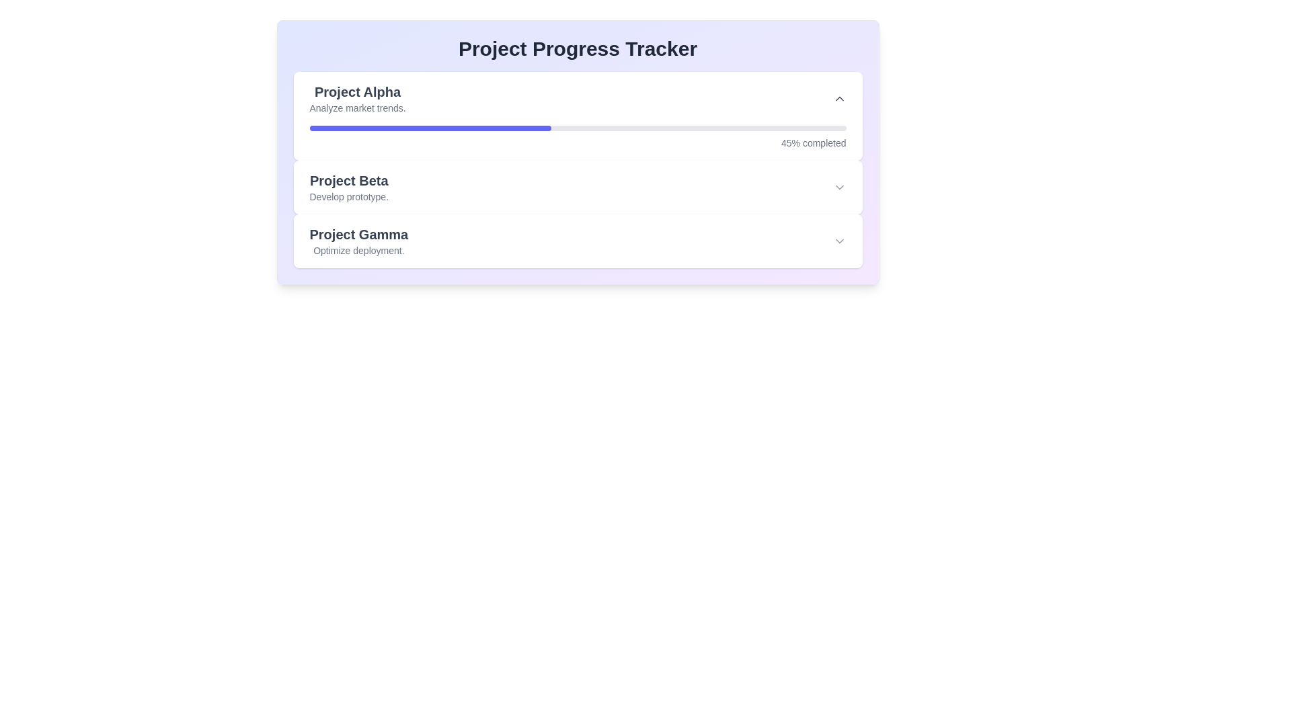 The image size is (1291, 726). Describe the element at coordinates (578, 187) in the screenshot. I see `the Information Card representing the project details located as the second item in a vertical list, positioned below 'Project Alpha' and above 'Project Gamma'` at that location.